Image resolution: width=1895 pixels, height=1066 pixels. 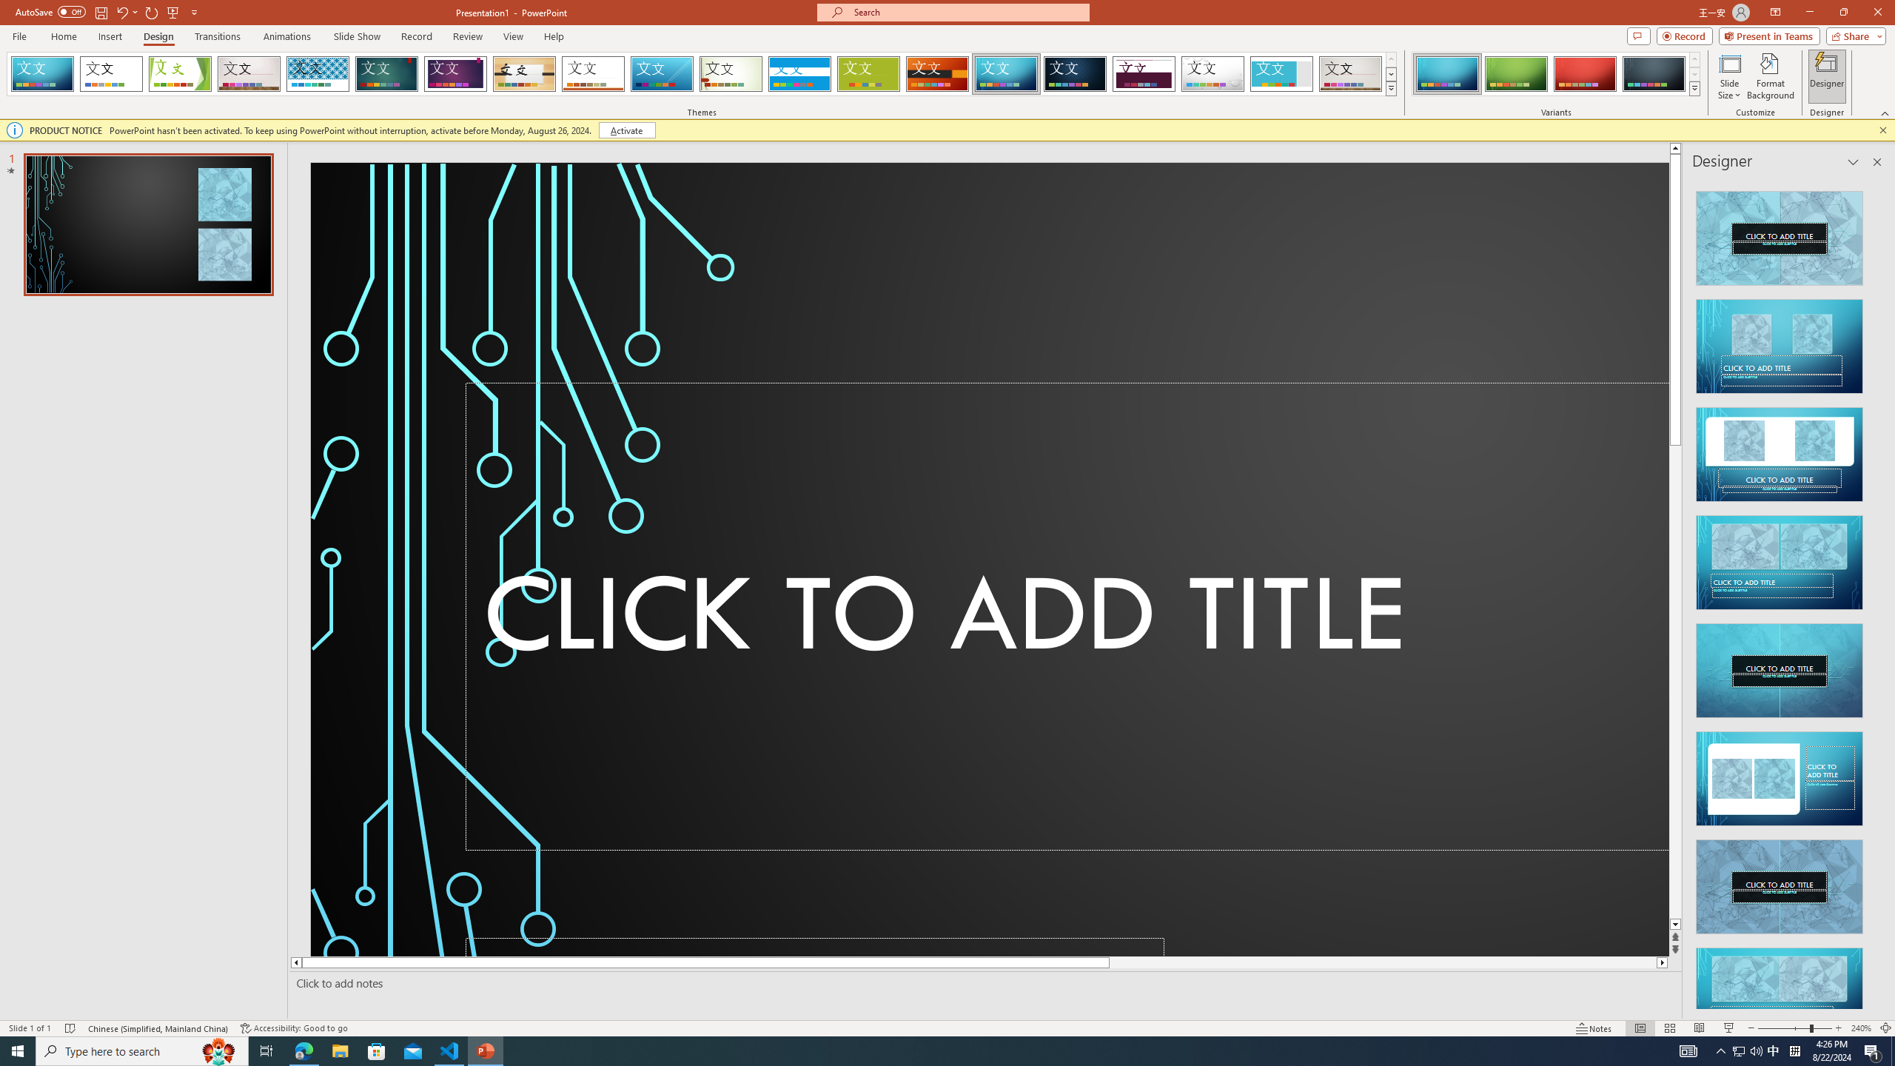 I want to click on 'AutomationID: ThemeVariantsGallery', so click(x=1557, y=73).